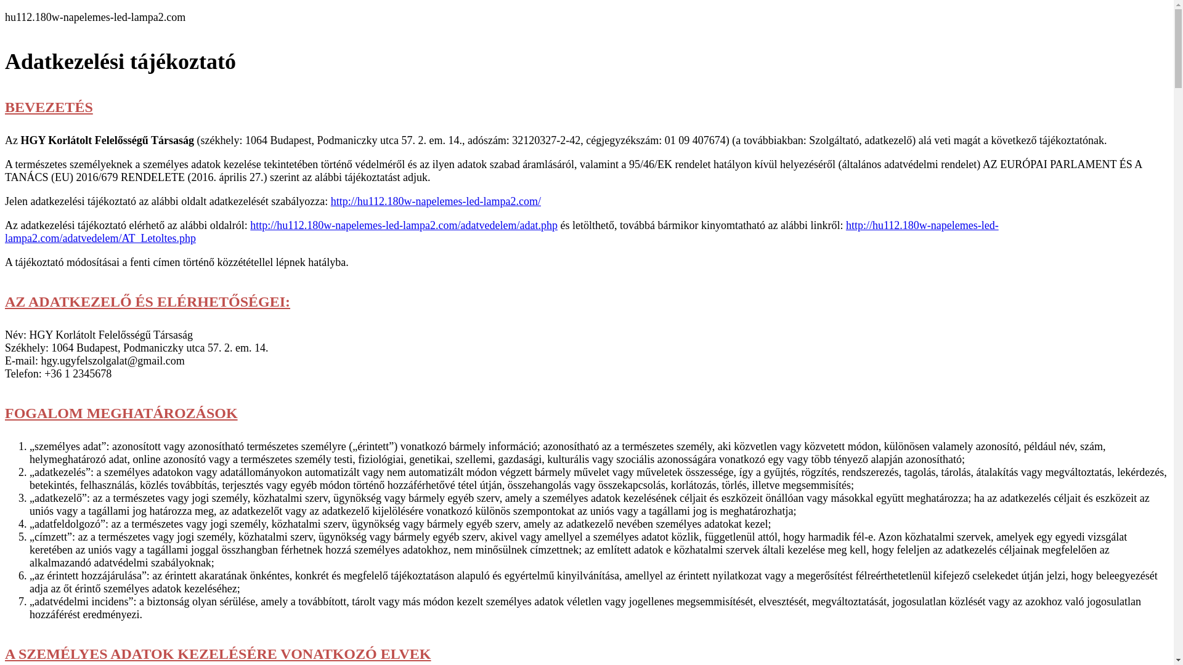  I want to click on 'http://hu112.180w-napelemes-led-lampa2.com/', so click(436, 201).